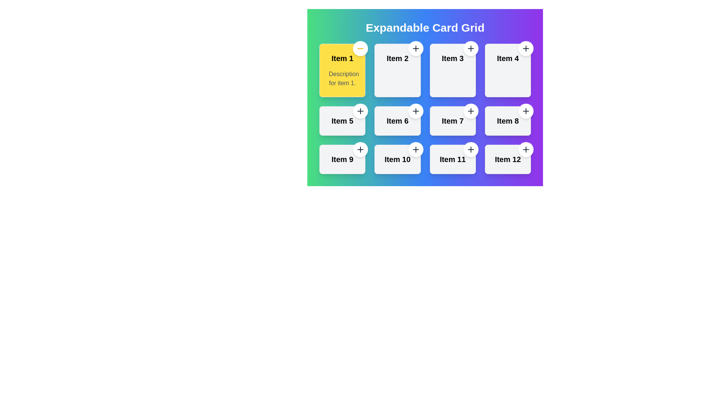 The height and width of the screenshot is (407, 724). What do you see at coordinates (397, 70) in the screenshot?
I see `the second item card in the first row of the grid` at bounding box center [397, 70].